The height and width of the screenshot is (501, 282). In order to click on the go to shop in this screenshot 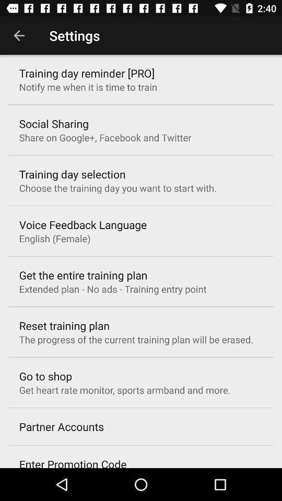, I will do `click(45, 376)`.